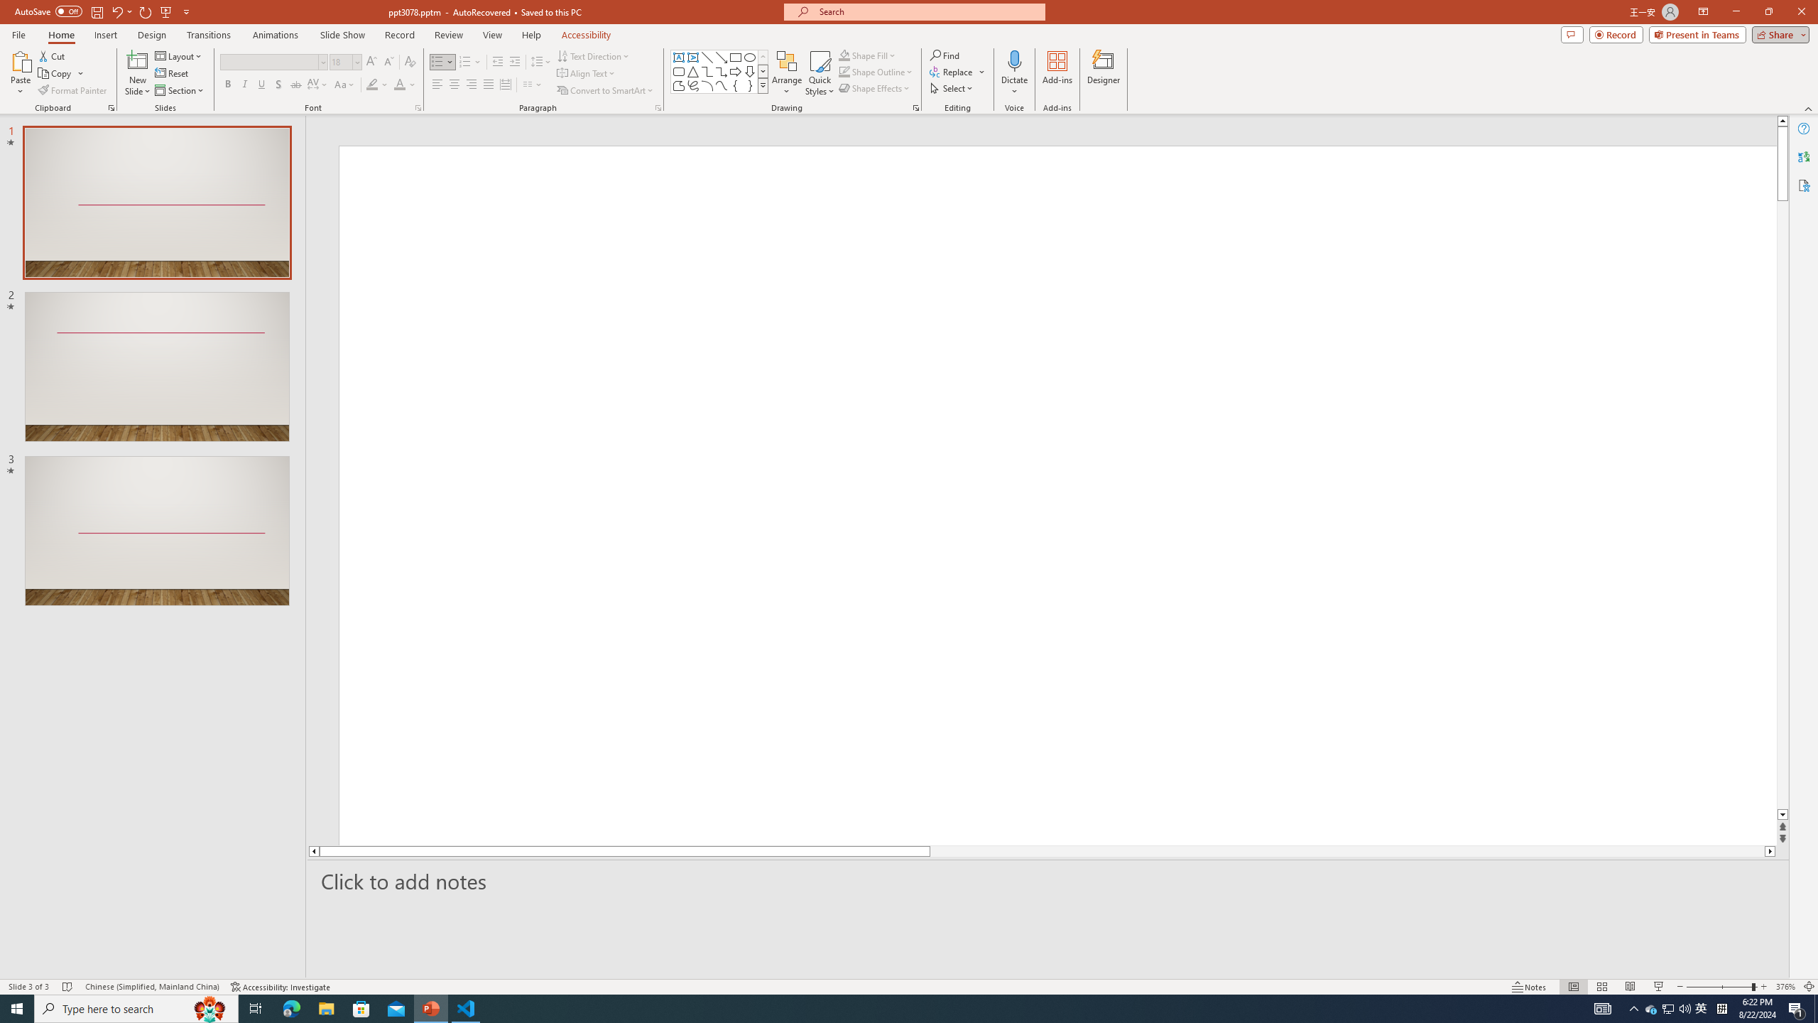 The height and width of the screenshot is (1023, 1818). What do you see at coordinates (844, 70) in the screenshot?
I see `'Shape Outline Green, Accent 1'` at bounding box center [844, 70].